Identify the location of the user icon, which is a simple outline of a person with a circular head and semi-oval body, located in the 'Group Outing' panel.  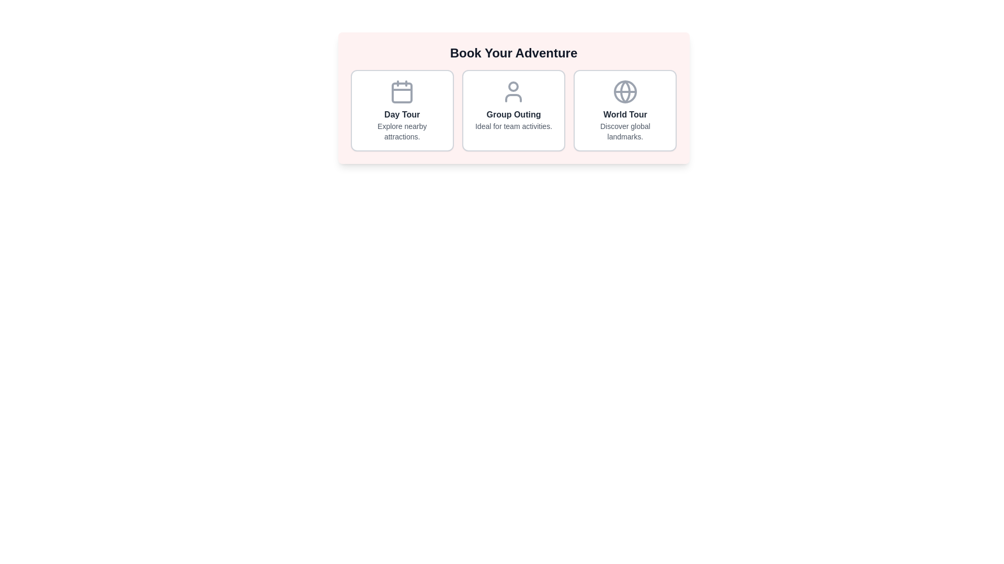
(514, 91).